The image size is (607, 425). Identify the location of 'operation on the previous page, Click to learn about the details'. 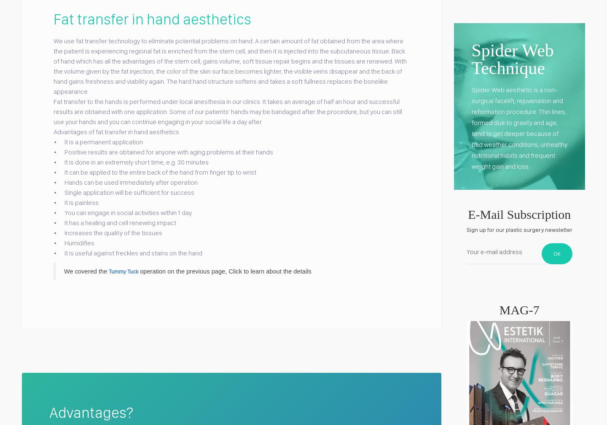
(225, 270).